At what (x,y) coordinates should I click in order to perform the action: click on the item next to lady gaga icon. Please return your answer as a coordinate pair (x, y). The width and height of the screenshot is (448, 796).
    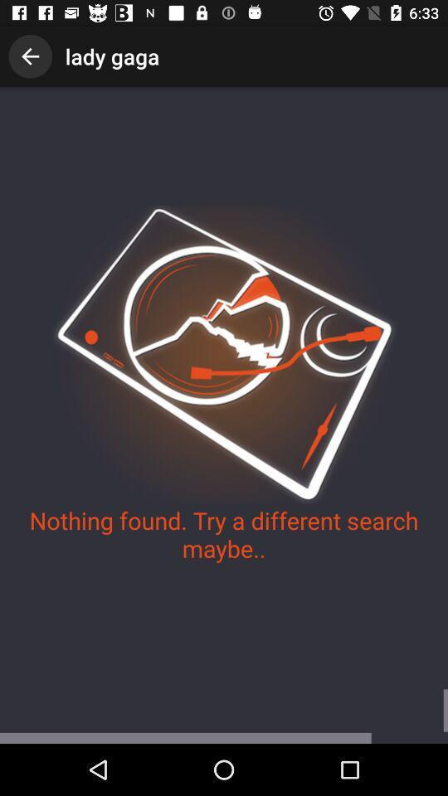
    Looking at the image, I should click on (30, 56).